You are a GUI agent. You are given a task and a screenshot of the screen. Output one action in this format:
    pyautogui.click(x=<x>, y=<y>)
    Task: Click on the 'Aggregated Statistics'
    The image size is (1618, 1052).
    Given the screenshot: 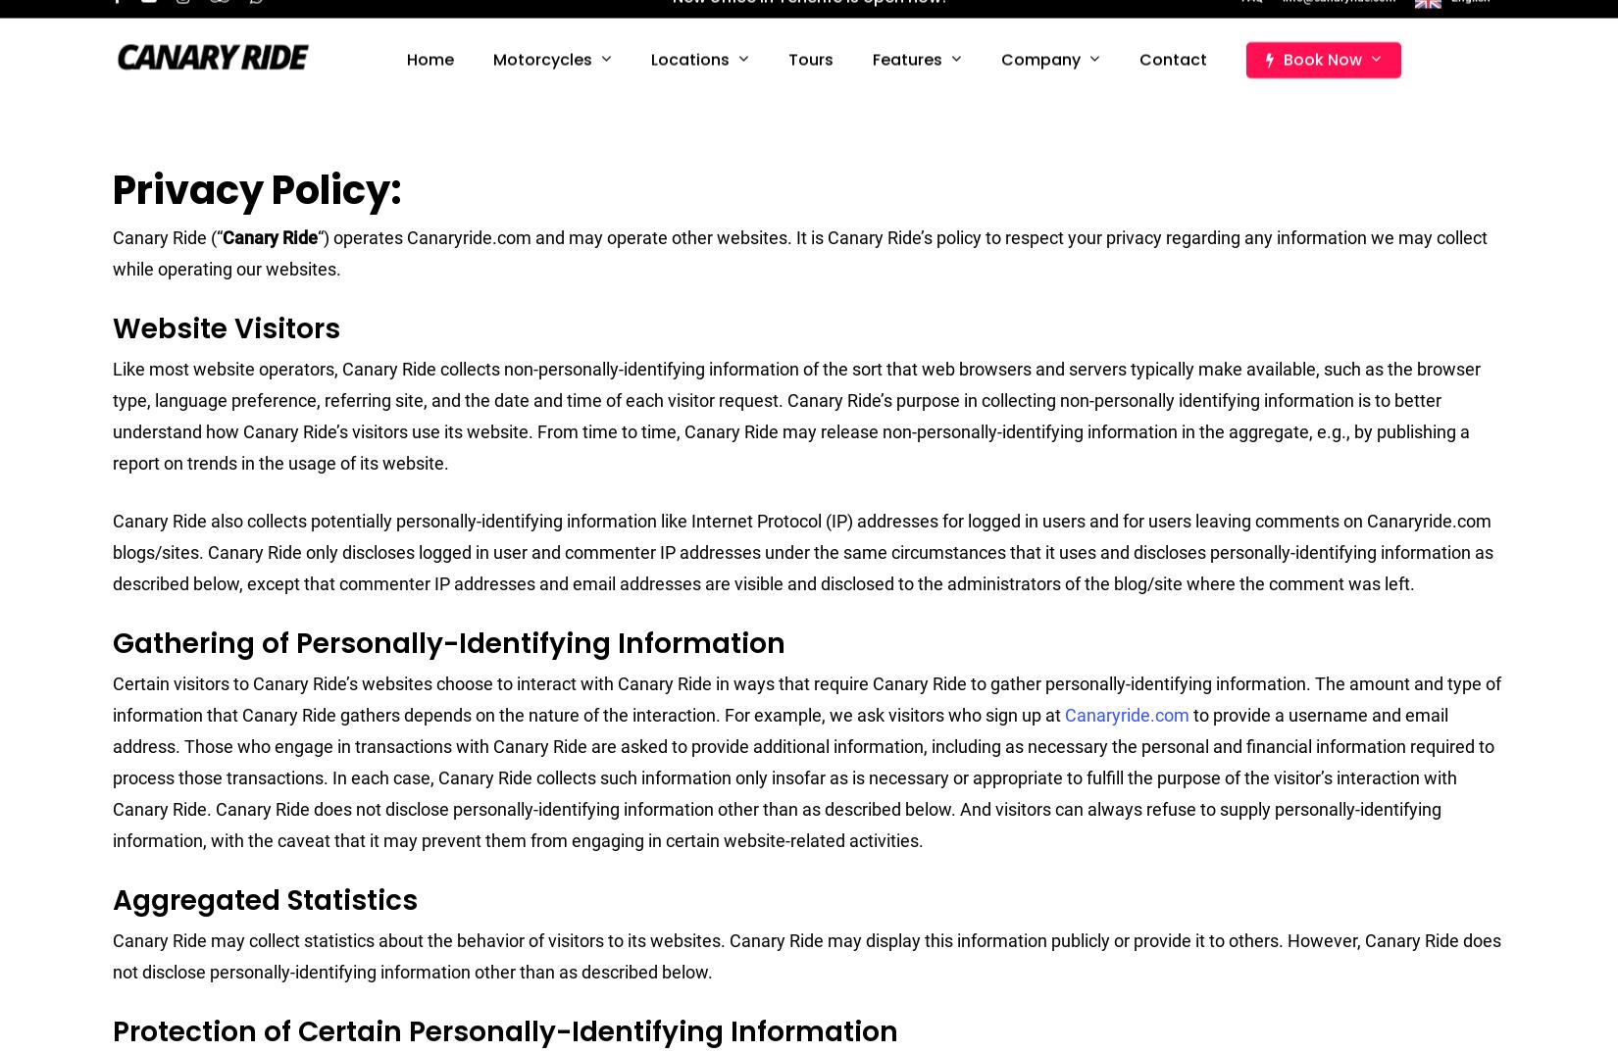 What is the action you would take?
    pyautogui.click(x=265, y=900)
    